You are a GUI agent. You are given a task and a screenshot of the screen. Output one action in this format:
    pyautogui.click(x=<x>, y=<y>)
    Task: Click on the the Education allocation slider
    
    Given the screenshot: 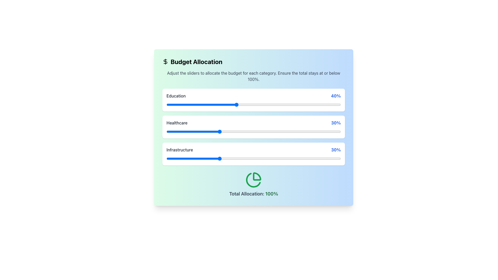 What is the action you would take?
    pyautogui.click(x=168, y=105)
    